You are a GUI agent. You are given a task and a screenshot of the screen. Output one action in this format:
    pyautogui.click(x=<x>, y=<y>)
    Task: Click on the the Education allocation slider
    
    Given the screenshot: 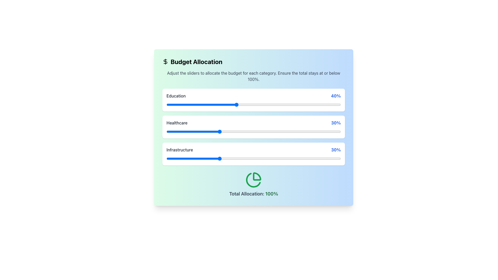 What is the action you would take?
    pyautogui.click(x=168, y=105)
    